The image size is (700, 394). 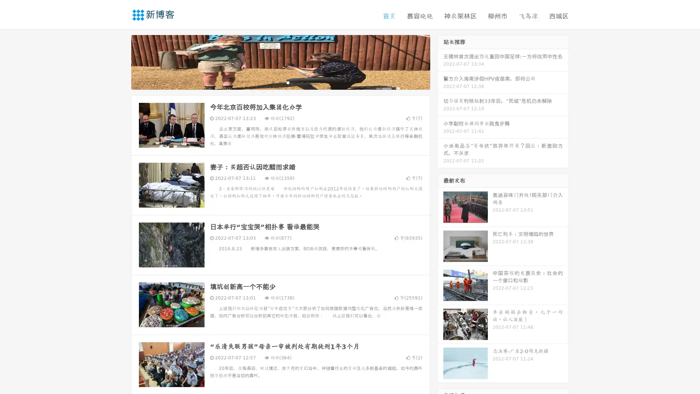 I want to click on Previous slide, so click(x=120, y=61).